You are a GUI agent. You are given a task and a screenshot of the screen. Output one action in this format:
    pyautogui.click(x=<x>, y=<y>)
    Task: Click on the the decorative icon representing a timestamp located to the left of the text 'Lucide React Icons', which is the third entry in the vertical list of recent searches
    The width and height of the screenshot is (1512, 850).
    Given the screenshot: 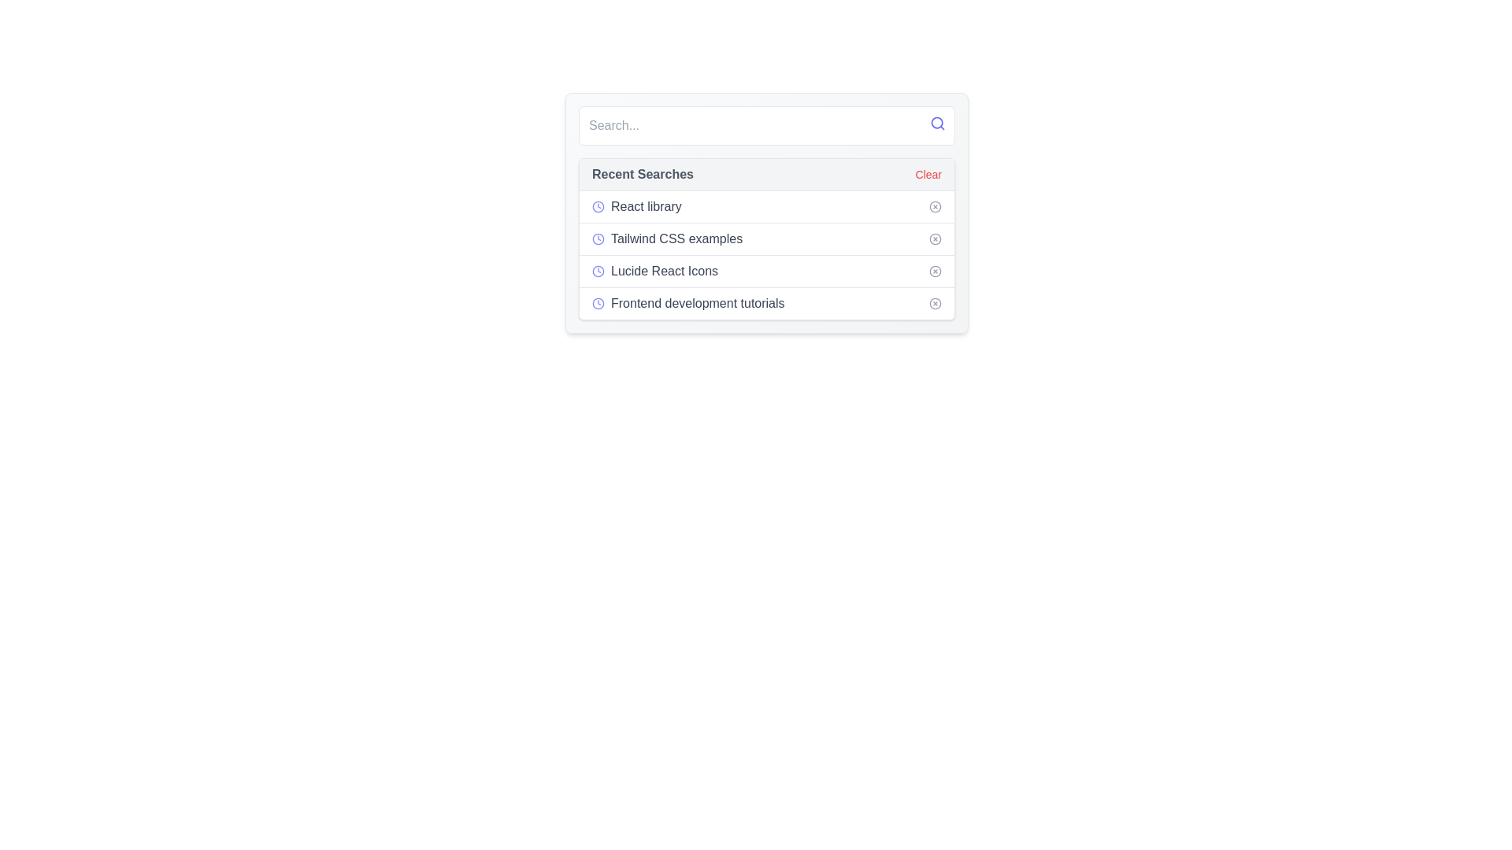 What is the action you would take?
    pyautogui.click(x=597, y=270)
    